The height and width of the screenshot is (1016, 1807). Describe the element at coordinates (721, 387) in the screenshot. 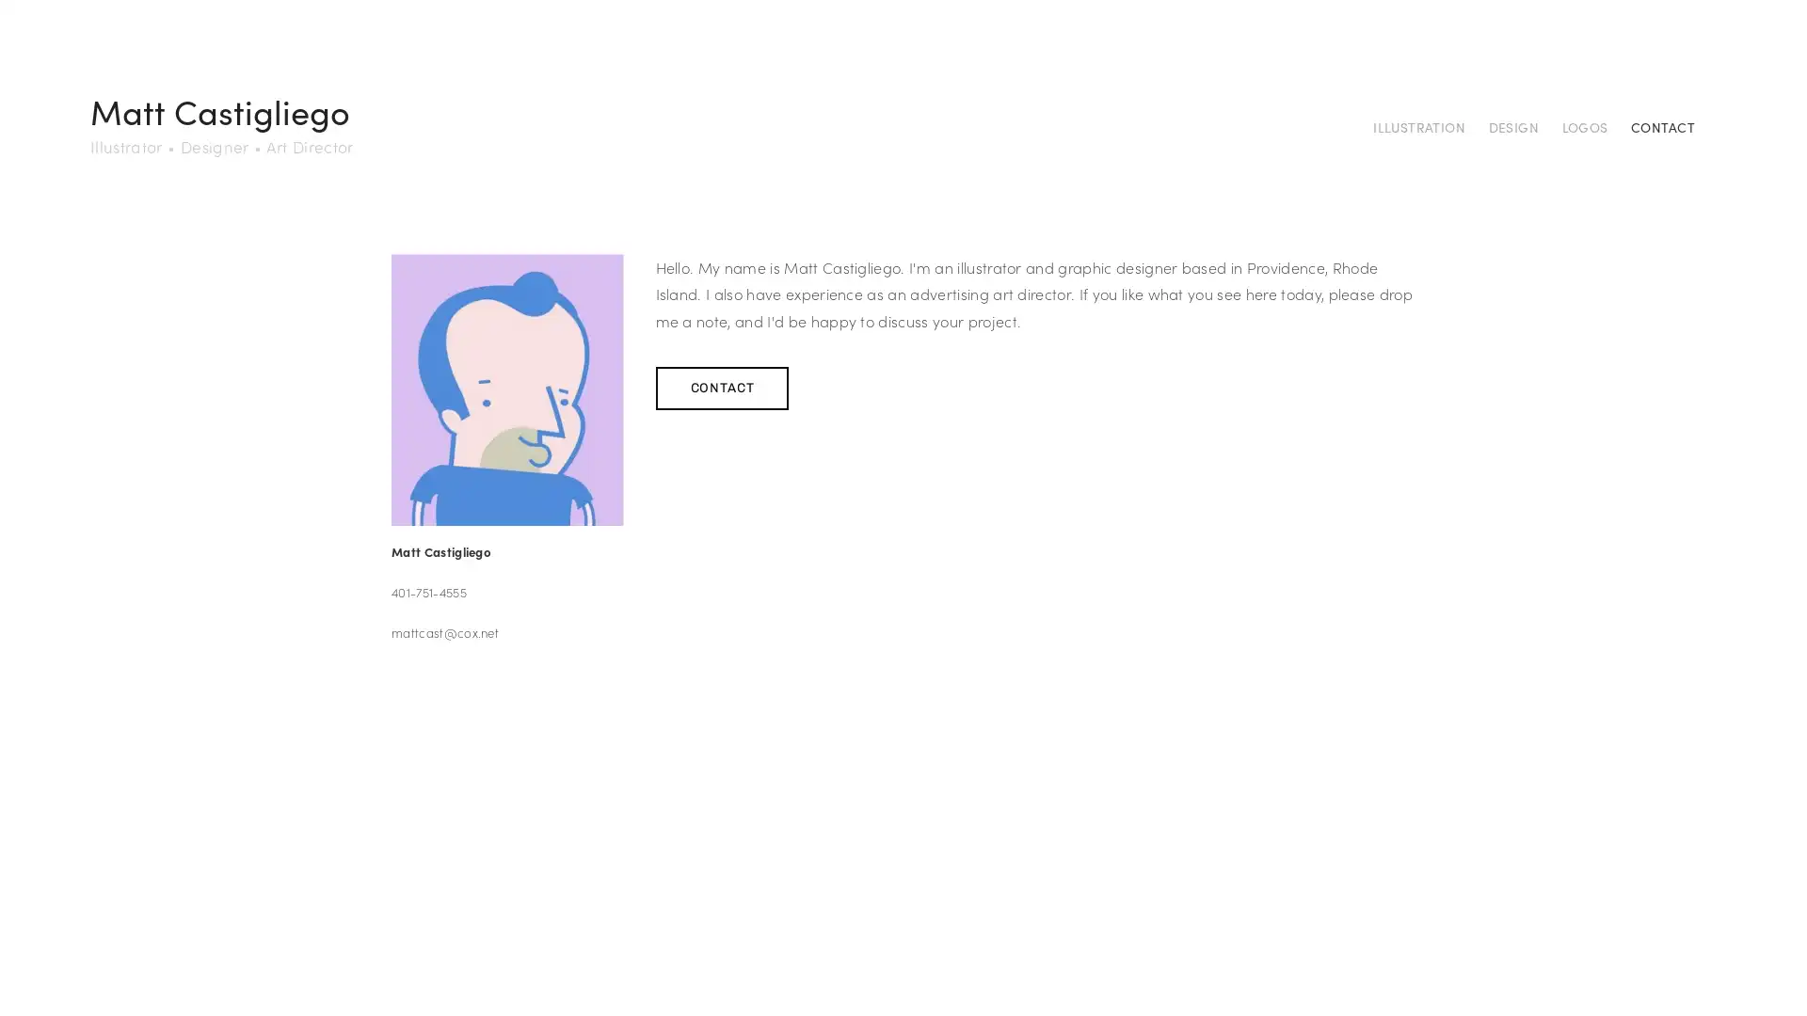

I see `CONTACT` at that location.